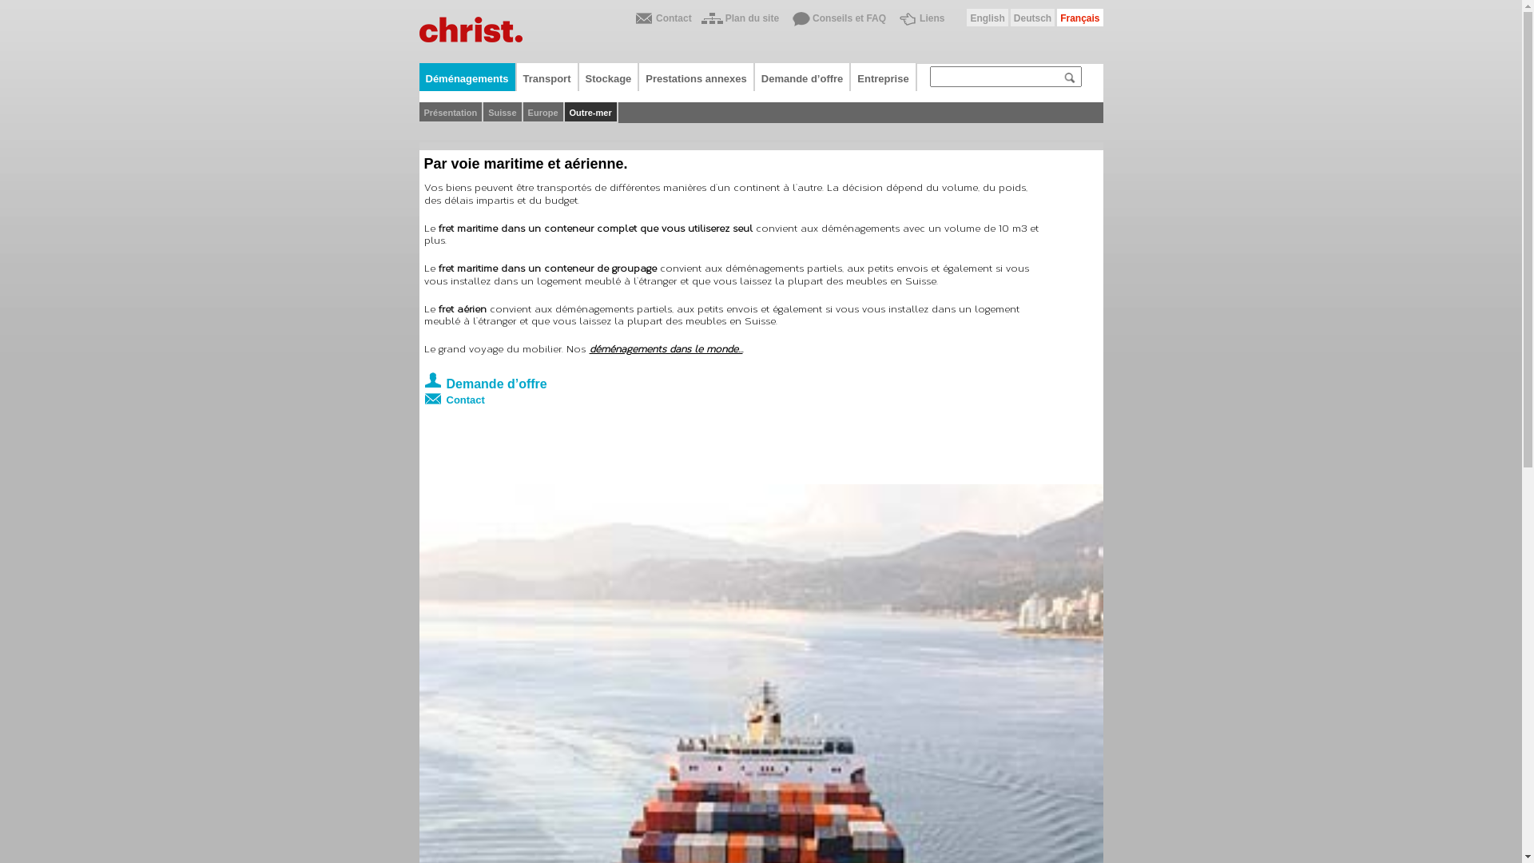 The image size is (1534, 863). What do you see at coordinates (1032, 18) in the screenshot?
I see `'Deutsch'` at bounding box center [1032, 18].